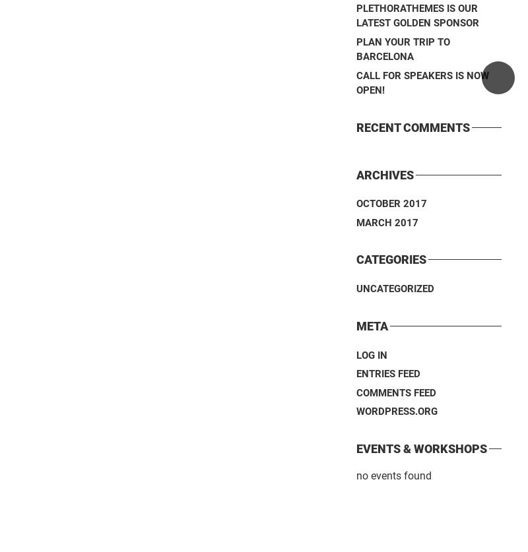  What do you see at coordinates (356, 222) in the screenshot?
I see `'March 2017'` at bounding box center [356, 222].